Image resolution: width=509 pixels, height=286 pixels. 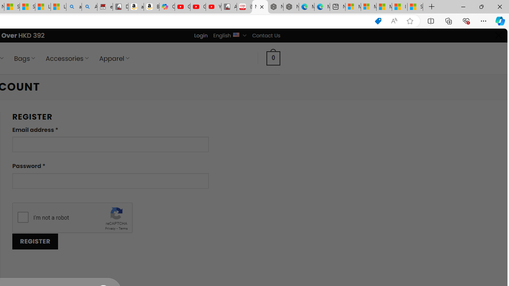 I want to click on 'English', so click(x=235, y=34).